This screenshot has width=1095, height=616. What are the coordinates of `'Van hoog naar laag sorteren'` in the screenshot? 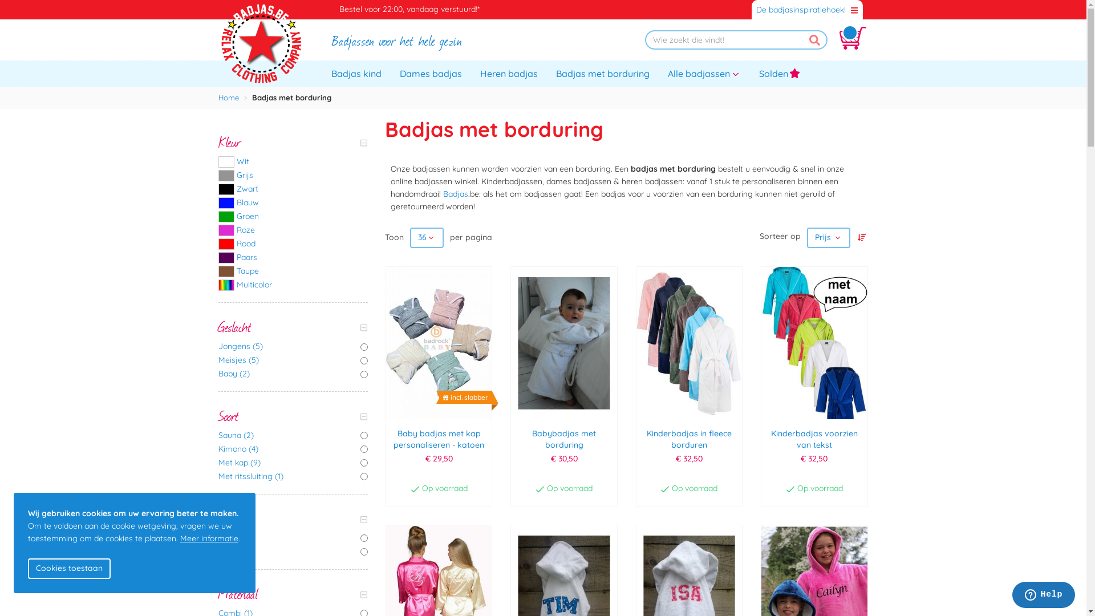 It's located at (861, 237).